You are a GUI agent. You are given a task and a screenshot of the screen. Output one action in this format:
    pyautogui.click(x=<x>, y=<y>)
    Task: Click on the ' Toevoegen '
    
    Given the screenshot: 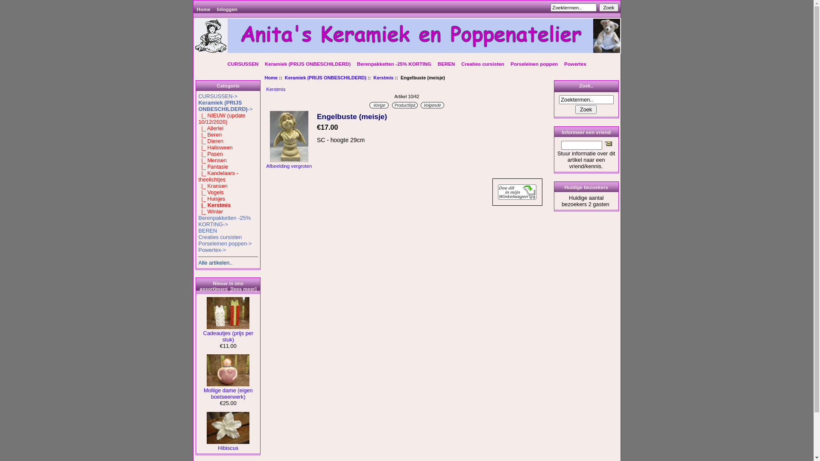 What is the action you would take?
    pyautogui.click(x=516, y=192)
    